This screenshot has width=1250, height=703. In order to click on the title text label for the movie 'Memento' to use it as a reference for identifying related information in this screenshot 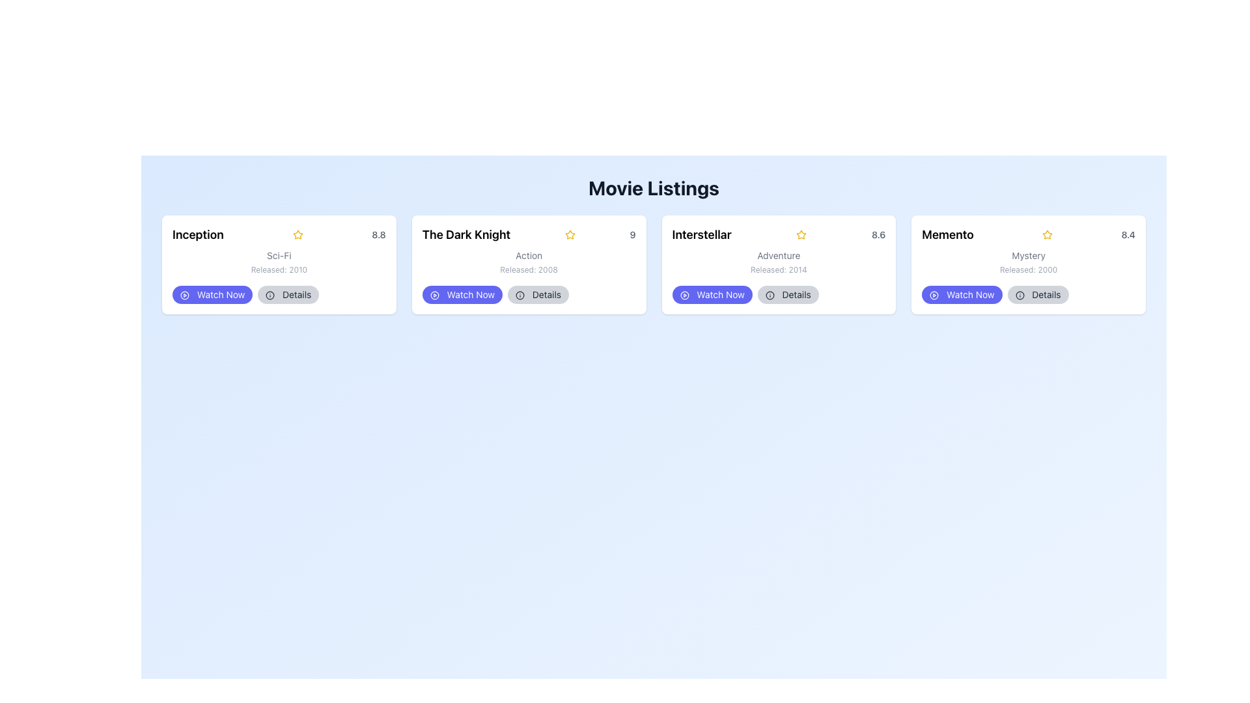, I will do `click(947, 235)`.